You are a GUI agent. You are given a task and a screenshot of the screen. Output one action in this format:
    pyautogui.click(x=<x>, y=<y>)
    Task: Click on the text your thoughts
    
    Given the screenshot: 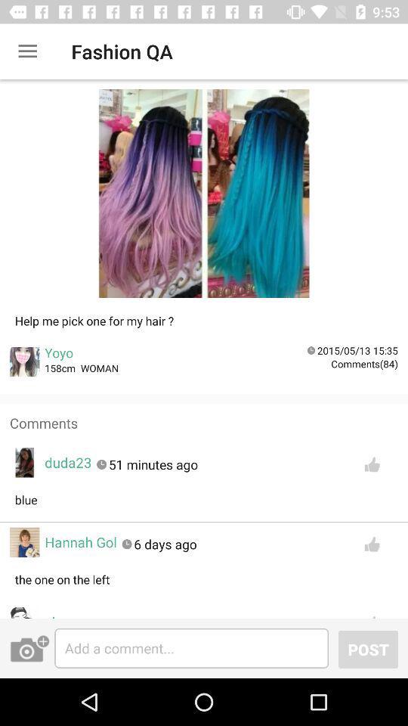 What is the action you would take?
    pyautogui.click(x=191, y=647)
    